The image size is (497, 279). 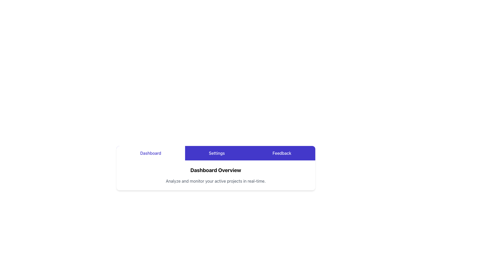 What do you see at coordinates (216, 153) in the screenshot?
I see `the 'Settings' tab in the navigation bar` at bounding box center [216, 153].